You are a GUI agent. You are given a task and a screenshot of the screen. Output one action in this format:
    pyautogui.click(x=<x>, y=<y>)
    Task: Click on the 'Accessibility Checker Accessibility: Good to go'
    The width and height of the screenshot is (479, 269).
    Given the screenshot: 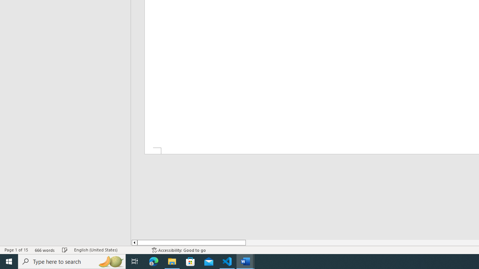 What is the action you would take?
    pyautogui.click(x=179, y=250)
    